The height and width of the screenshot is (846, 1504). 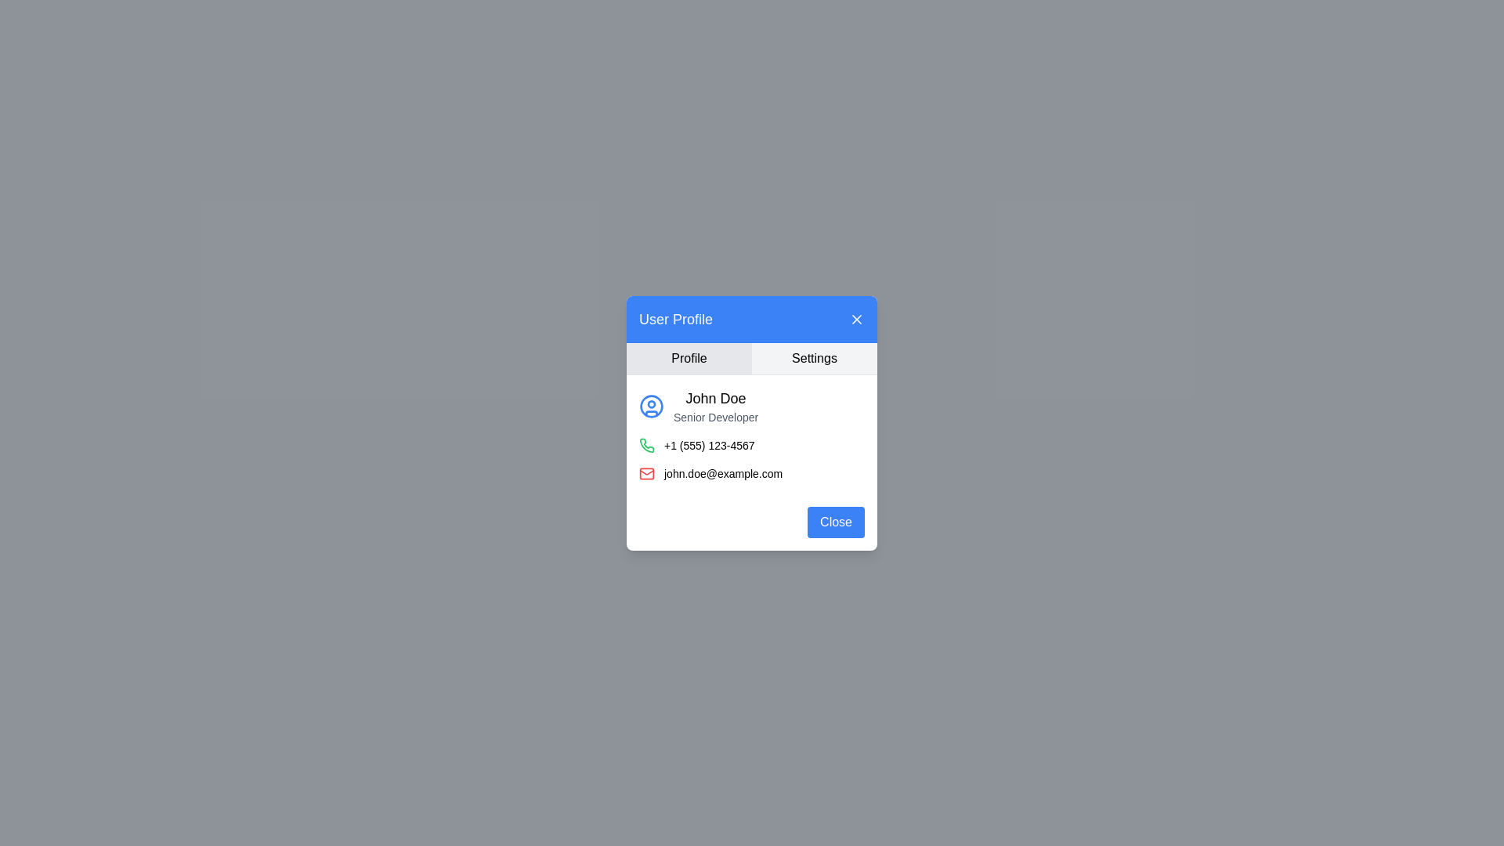 What do you see at coordinates (708, 445) in the screenshot?
I see `the phone number text label, which is styled in a small-sized font and located to the right of a green phone icon` at bounding box center [708, 445].